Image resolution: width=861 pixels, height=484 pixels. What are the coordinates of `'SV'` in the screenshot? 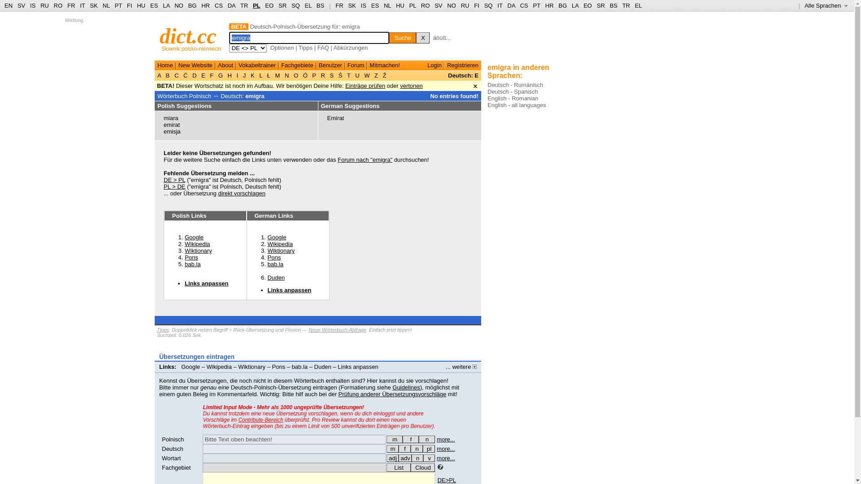 It's located at (21, 5).